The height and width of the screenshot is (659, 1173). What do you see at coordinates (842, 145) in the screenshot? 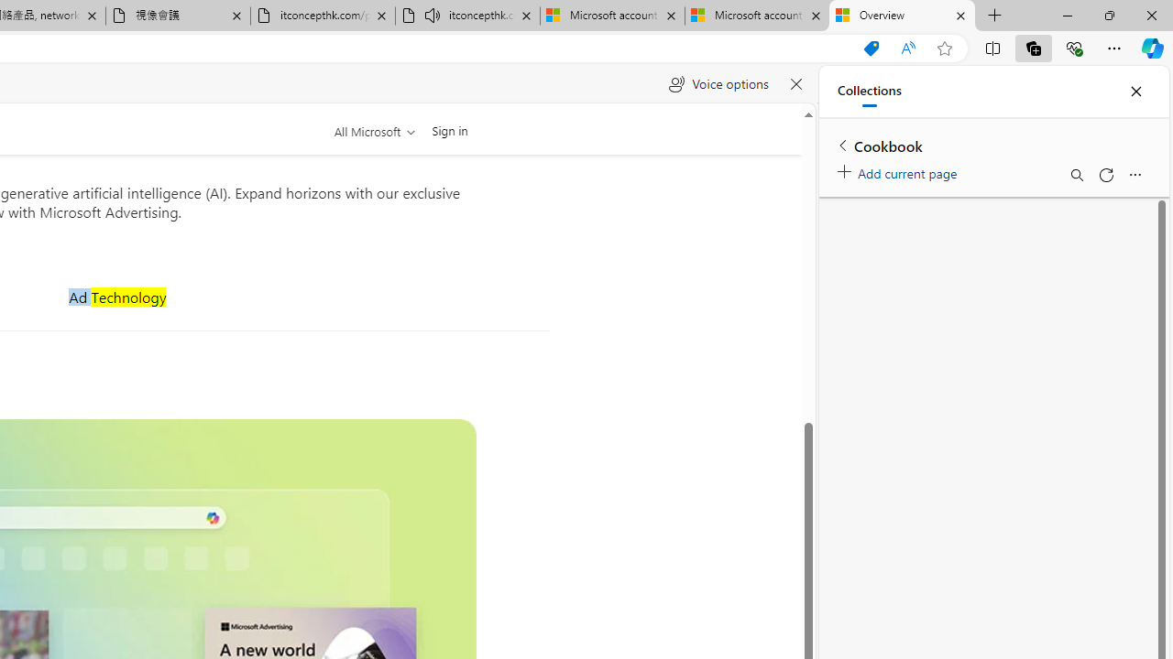
I see `'Back to list of collections'` at bounding box center [842, 145].